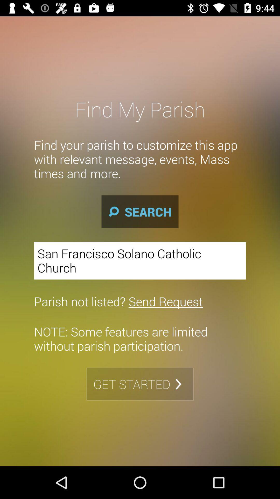 Image resolution: width=280 pixels, height=499 pixels. I want to click on the search, so click(140, 212).